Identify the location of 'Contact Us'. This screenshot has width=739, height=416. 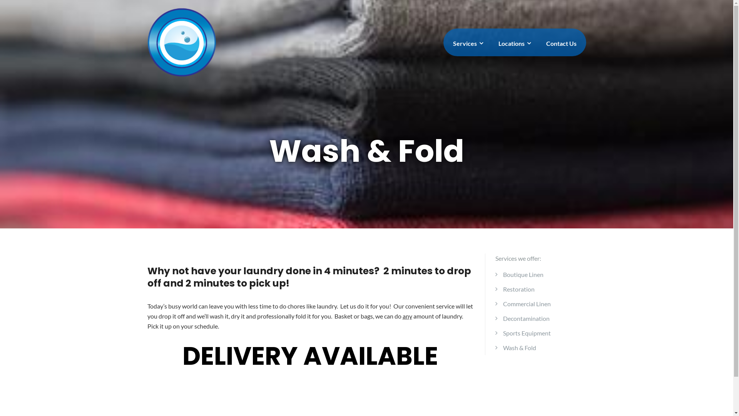
(561, 43).